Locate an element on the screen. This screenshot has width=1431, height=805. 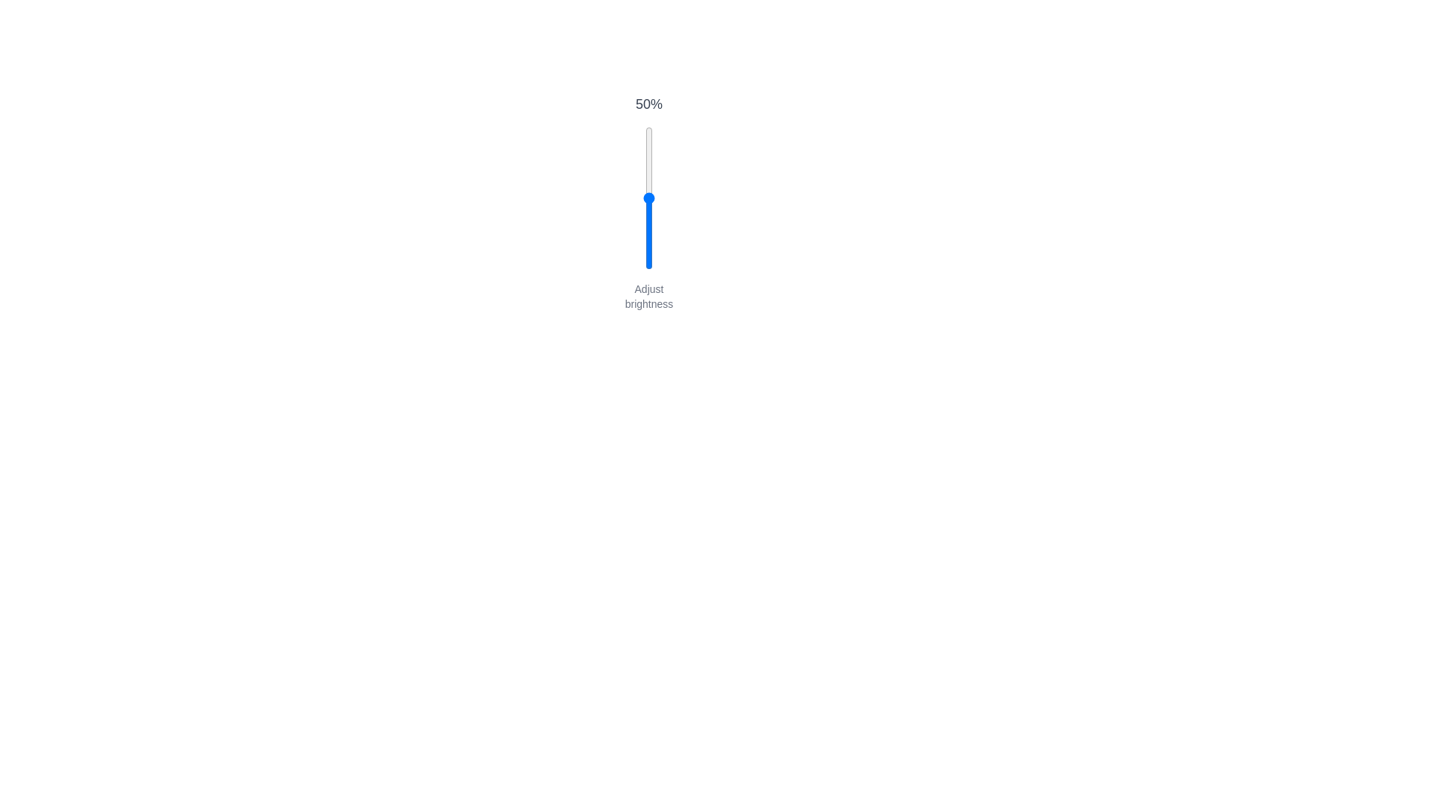
brightness is located at coordinates (648, 213).